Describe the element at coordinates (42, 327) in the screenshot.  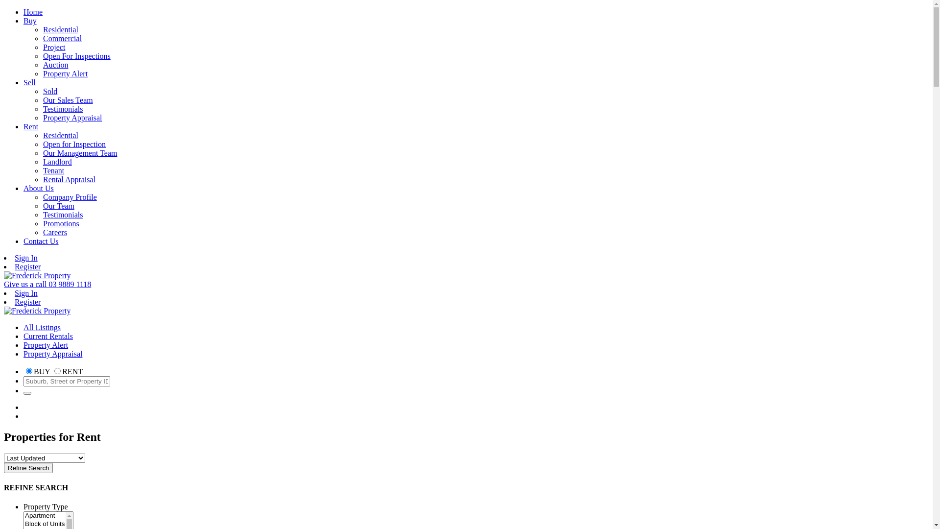
I see `'All Listings'` at that location.